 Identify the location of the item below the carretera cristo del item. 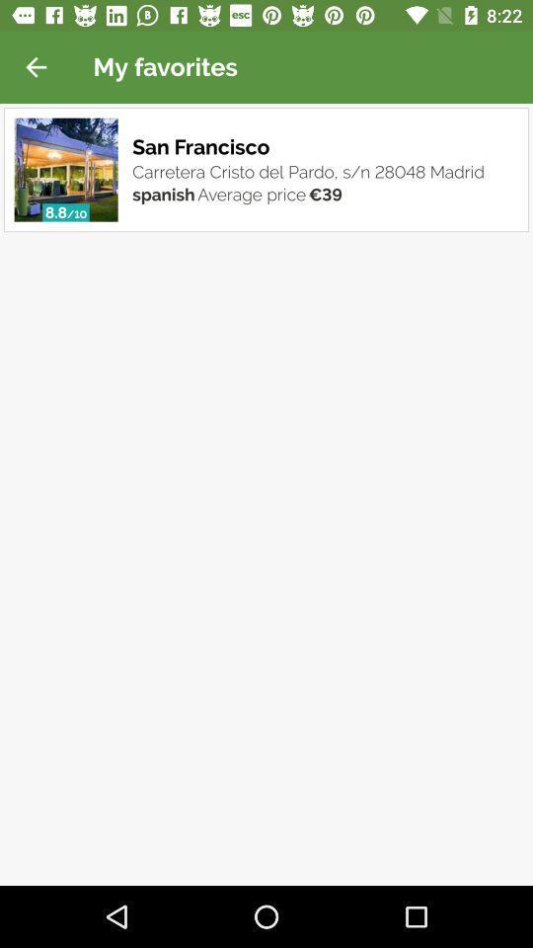
(162, 193).